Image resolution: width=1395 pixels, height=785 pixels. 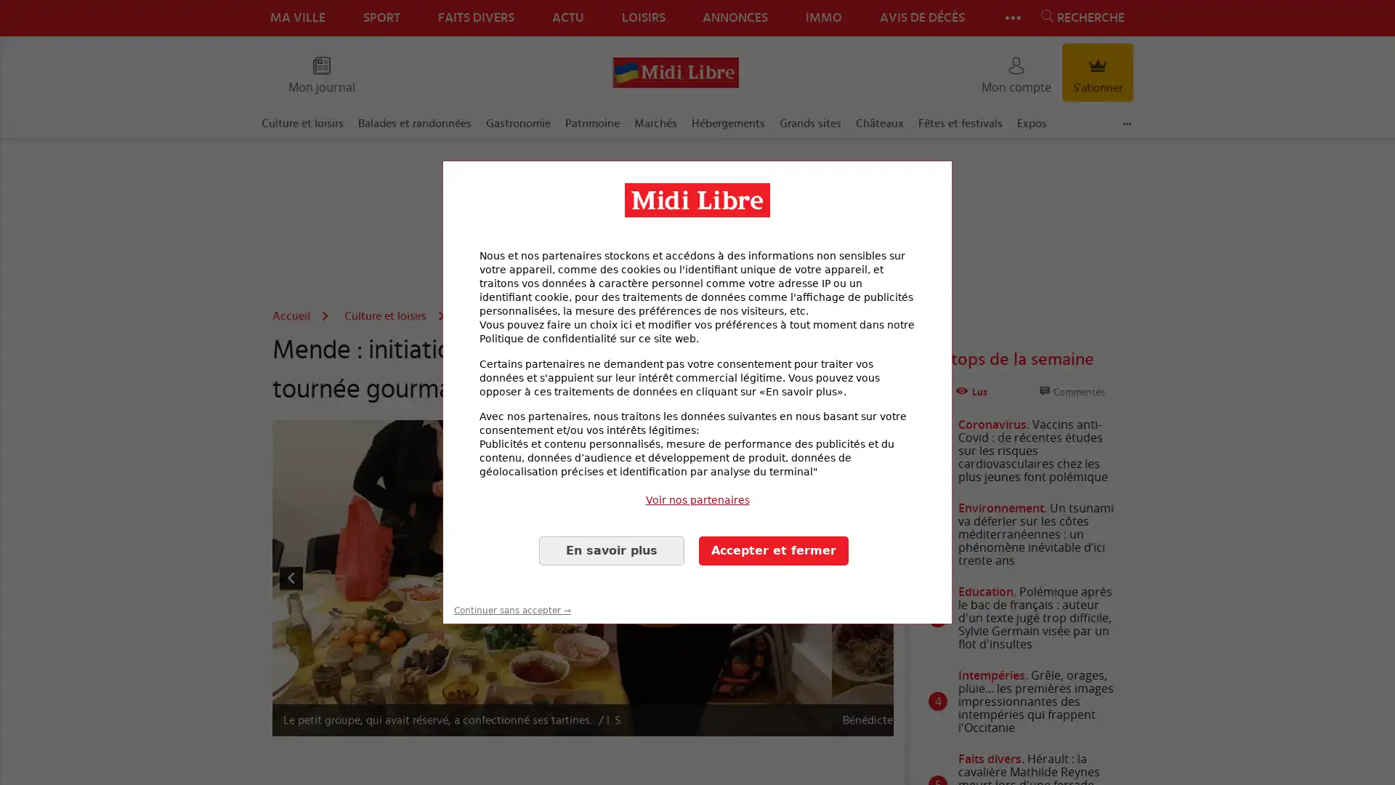 I want to click on Voir nos partenaires, so click(x=697, y=499).